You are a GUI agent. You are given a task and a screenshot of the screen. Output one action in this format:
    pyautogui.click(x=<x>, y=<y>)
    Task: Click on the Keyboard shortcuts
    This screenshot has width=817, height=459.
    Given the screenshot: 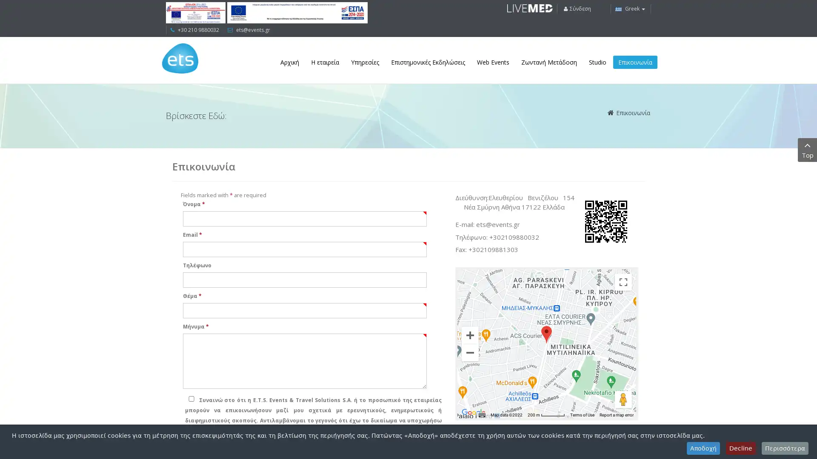 What is the action you would take?
    pyautogui.click(x=482, y=414)
    